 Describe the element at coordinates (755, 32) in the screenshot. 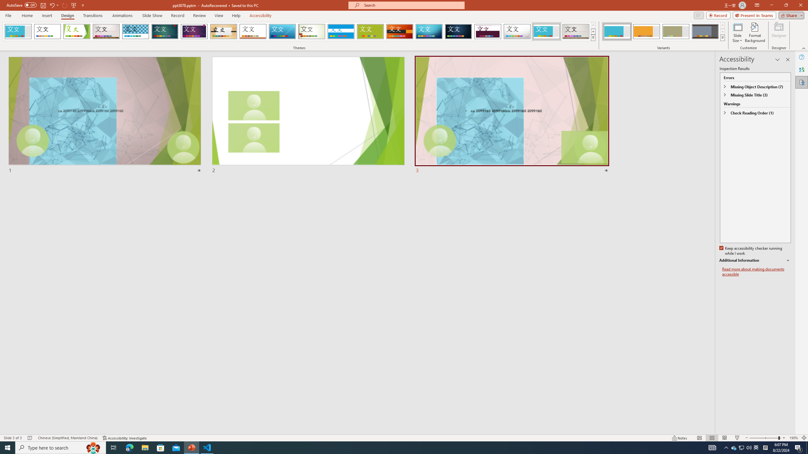

I see `'Format Background'` at that location.